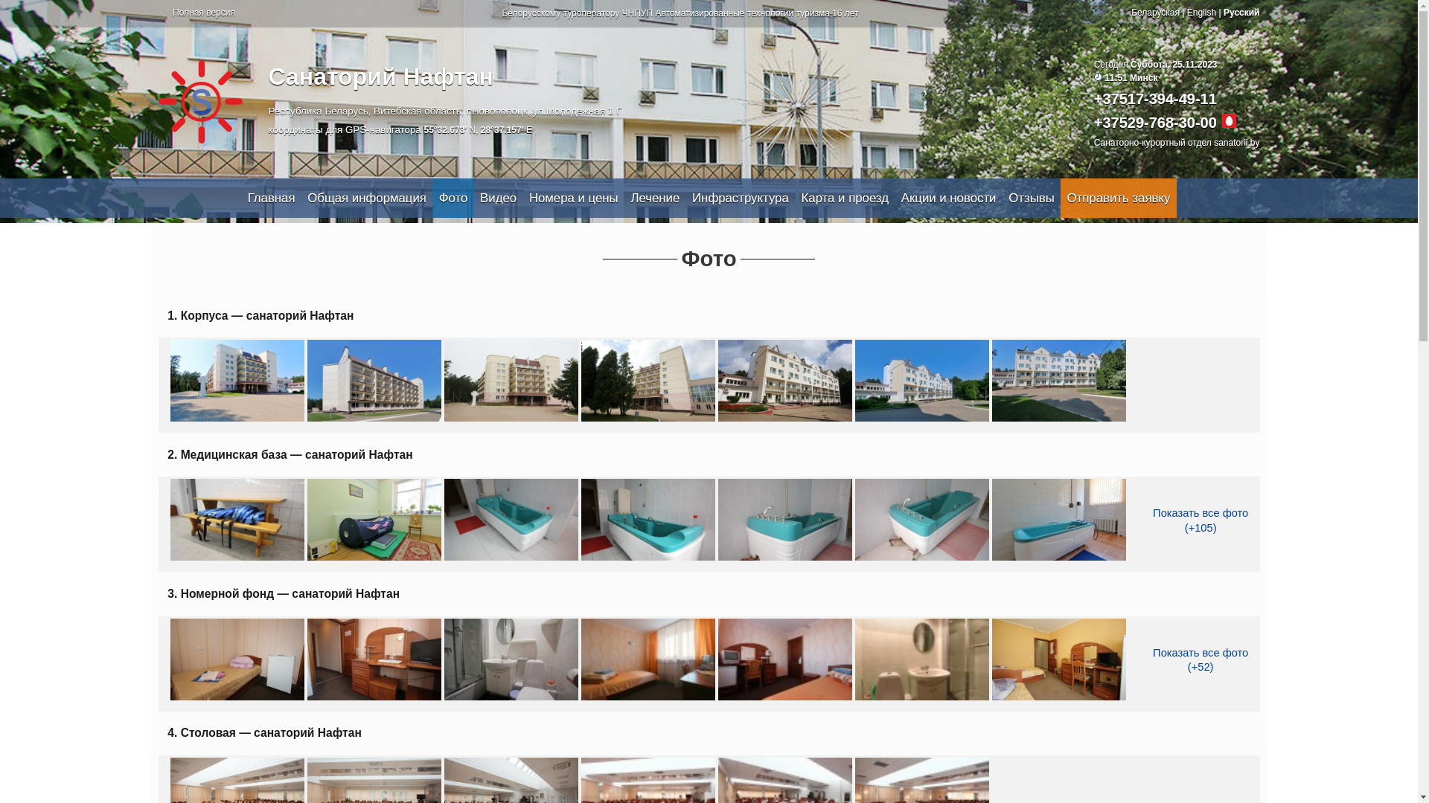 This screenshot has height=803, width=1429. Describe the element at coordinates (1201, 12) in the screenshot. I see `'English'` at that location.